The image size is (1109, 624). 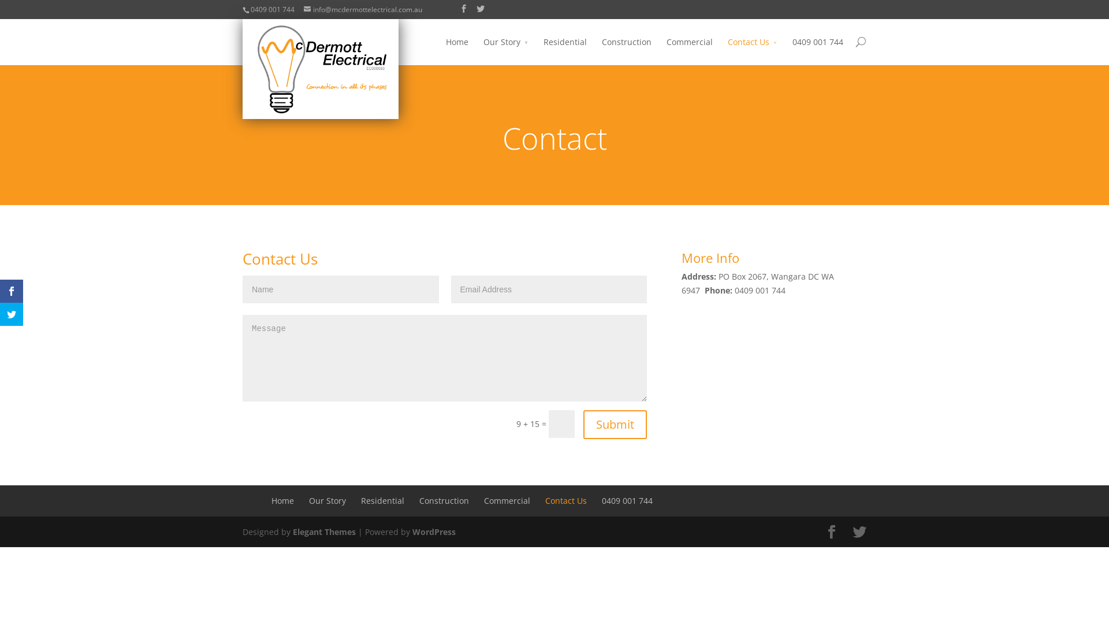 What do you see at coordinates (565, 50) in the screenshot?
I see `'Residential'` at bounding box center [565, 50].